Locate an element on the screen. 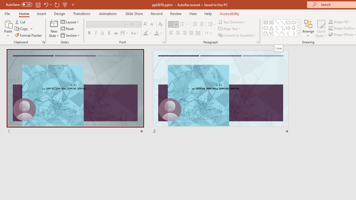 This screenshot has height=200, width=356. 'Line Arrow' is located at coordinates (283, 22).